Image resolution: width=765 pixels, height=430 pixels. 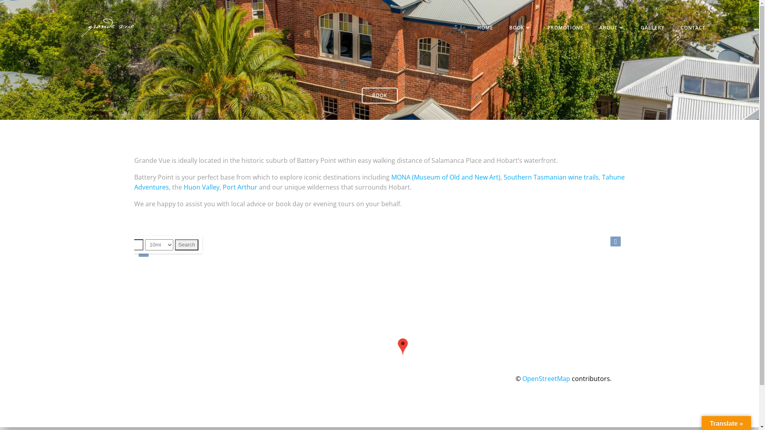 I want to click on 'PROMOTIONS', so click(x=565, y=27).